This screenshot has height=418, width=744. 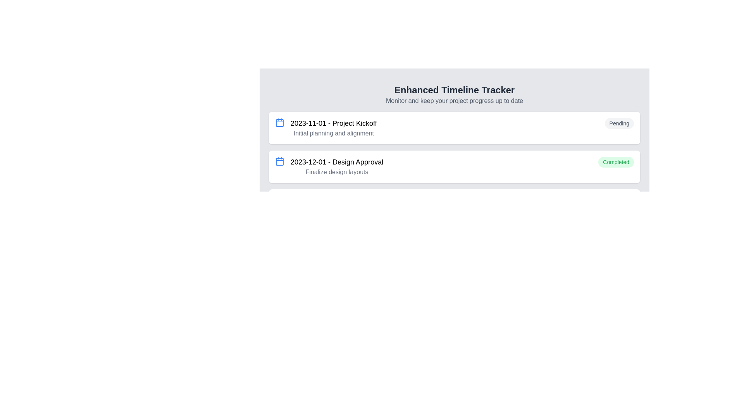 What do you see at coordinates (454, 101) in the screenshot?
I see `the static text element that contains the guidance 'Monitor and keep your project progress up to date', located below the bold title 'Enhanced Timeline Tracker'` at bounding box center [454, 101].